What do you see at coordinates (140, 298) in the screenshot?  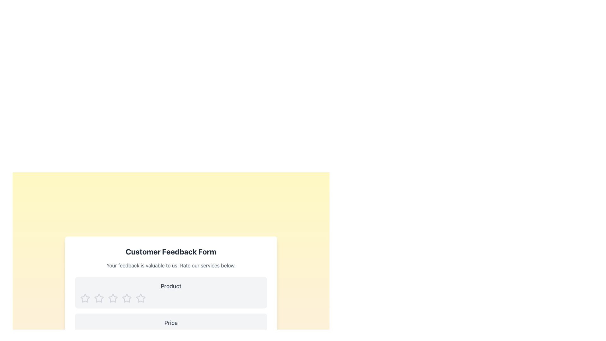 I see `the fourth unselected rating star icon in the Product rating section` at bounding box center [140, 298].